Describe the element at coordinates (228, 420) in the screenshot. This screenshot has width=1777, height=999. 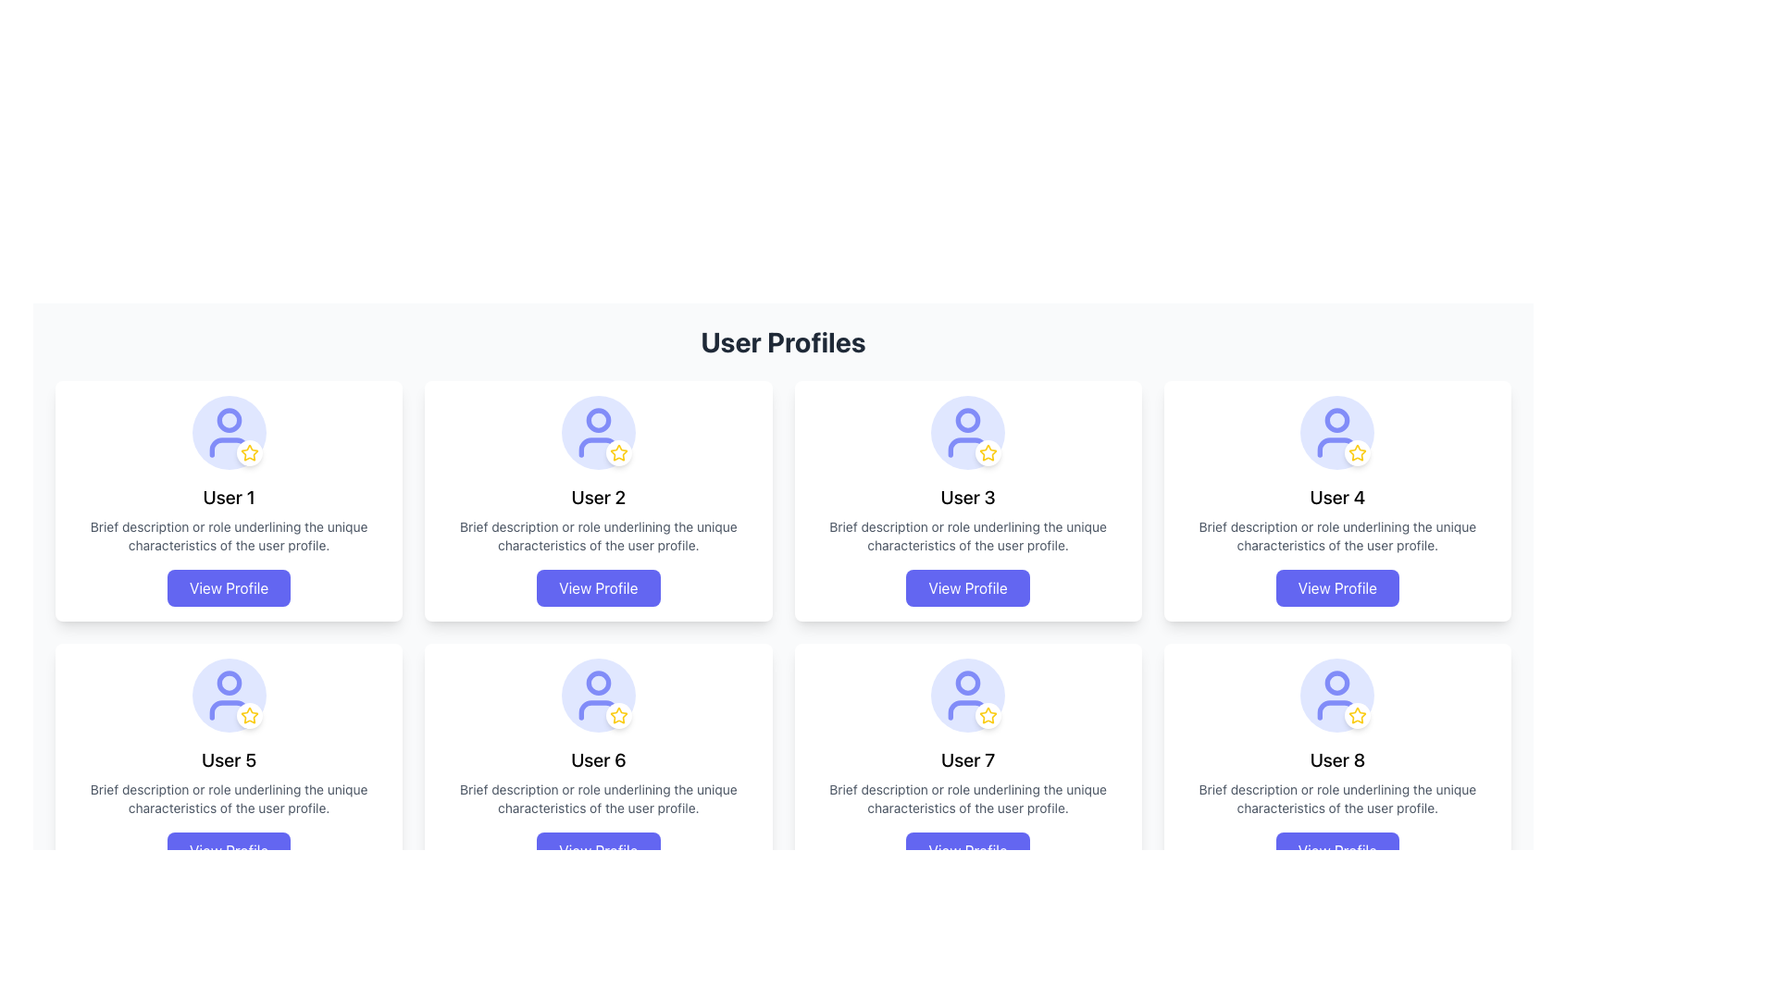
I see `the decorative shape within the SVG icon located in the circular user icon at the top middle of the profile card, which is in the second position of the first row of the grid` at that location.